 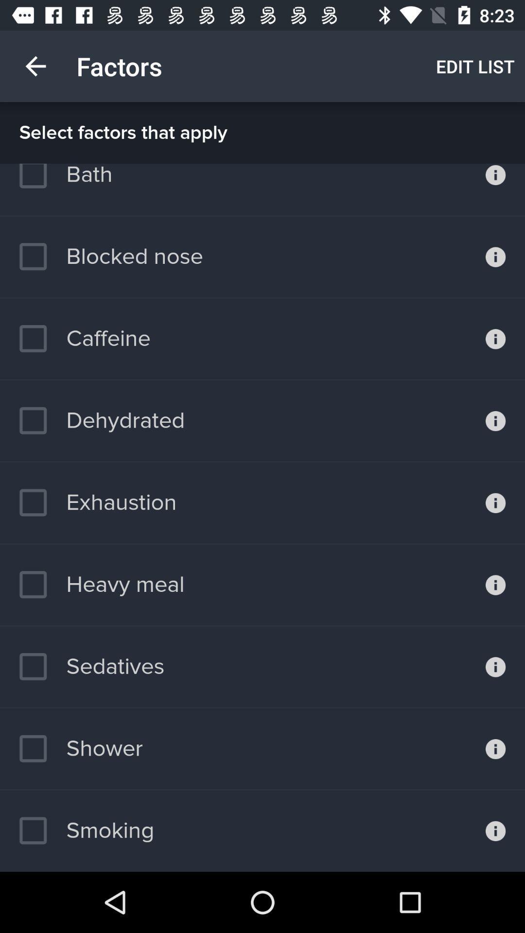 What do you see at coordinates (92, 666) in the screenshot?
I see `the icon below heavy meal` at bounding box center [92, 666].